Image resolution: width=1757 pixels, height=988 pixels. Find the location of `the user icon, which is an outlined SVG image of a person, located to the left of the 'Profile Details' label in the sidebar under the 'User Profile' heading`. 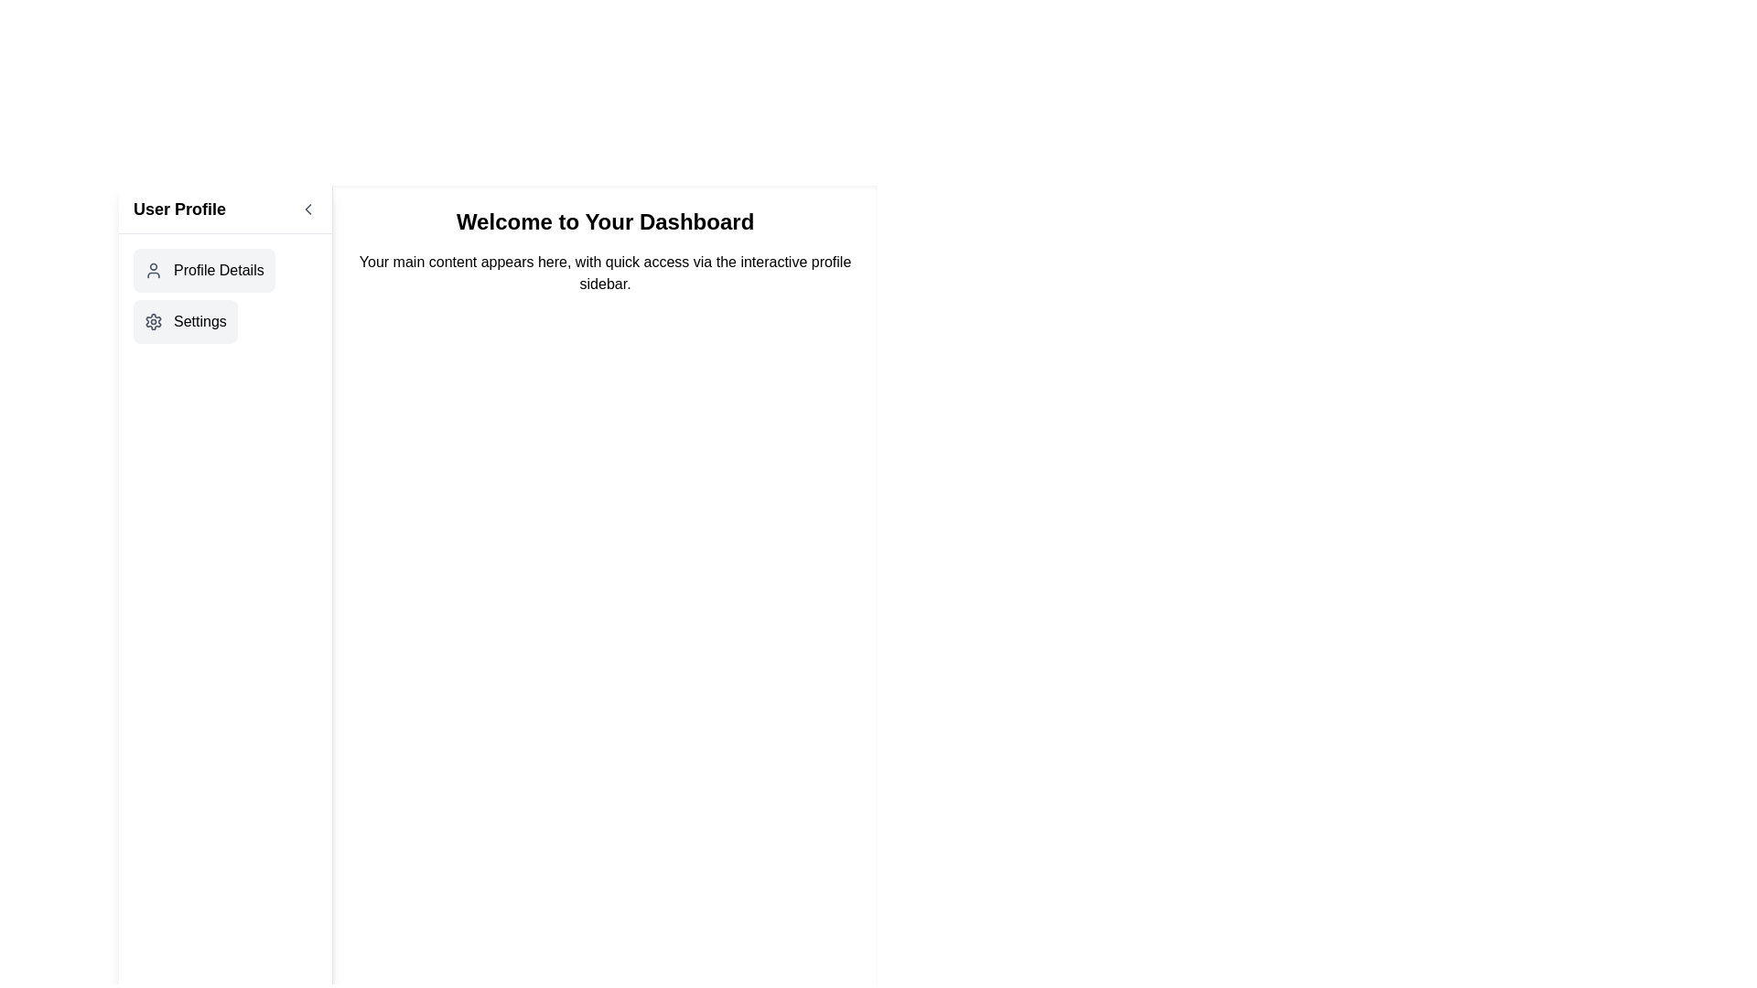

the user icon, which is an outlined SVG image of a person, located to the left of the 'Profile Details' label in the sidebar under the 'User Profile' heading is located at coordinates (154, 271).